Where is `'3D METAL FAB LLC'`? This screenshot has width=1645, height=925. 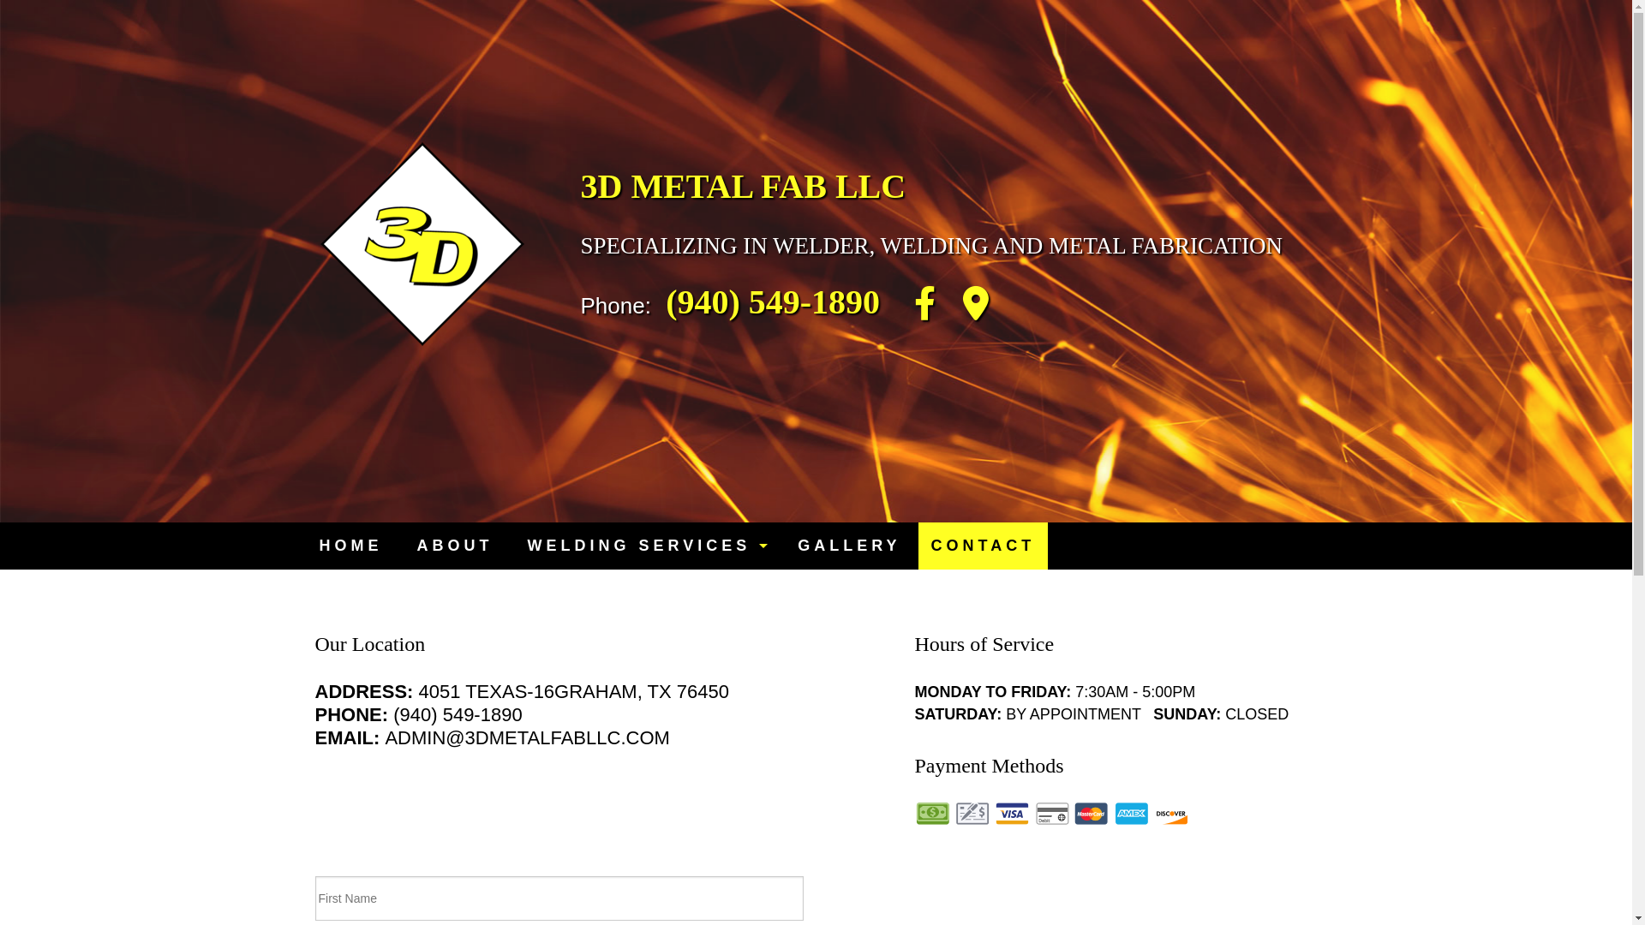 '3D METAL FAB LLC' is located at coordinates (571, 186).